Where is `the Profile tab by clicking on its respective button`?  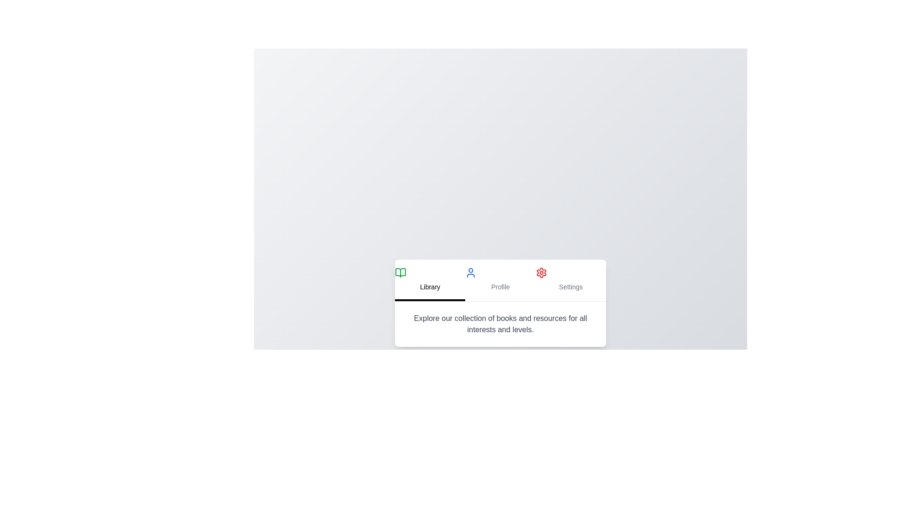 the Profile tab by clicking on its respective button is located at coordinates (500, 279).